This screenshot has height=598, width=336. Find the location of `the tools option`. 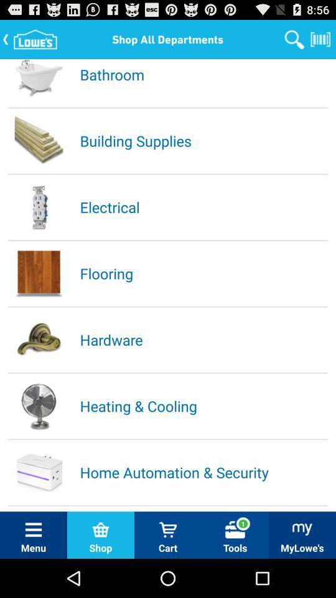

the tools option is located at coordinates (235, 529).